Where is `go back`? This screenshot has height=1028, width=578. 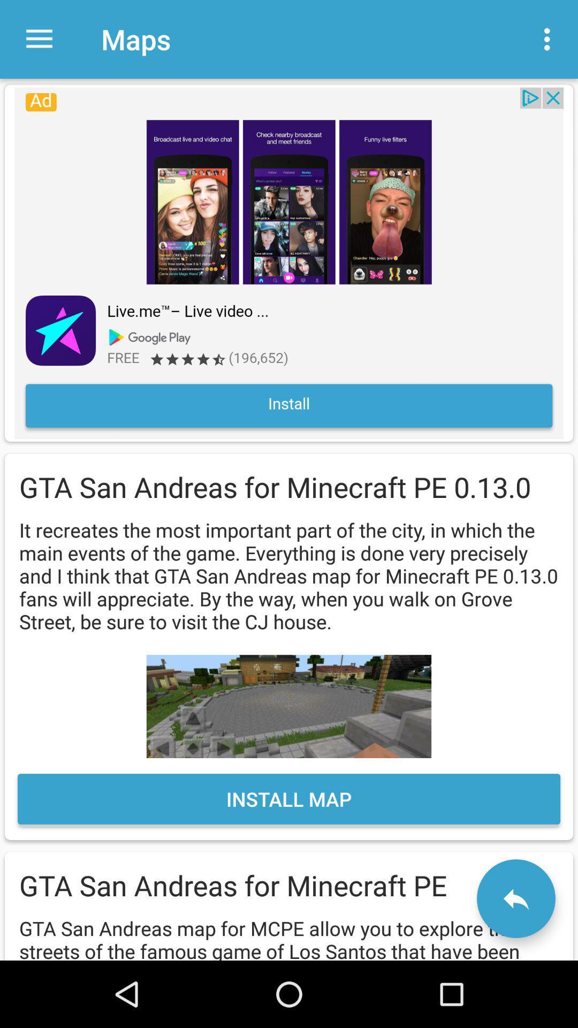 go back is located at coordinates (515, 898).